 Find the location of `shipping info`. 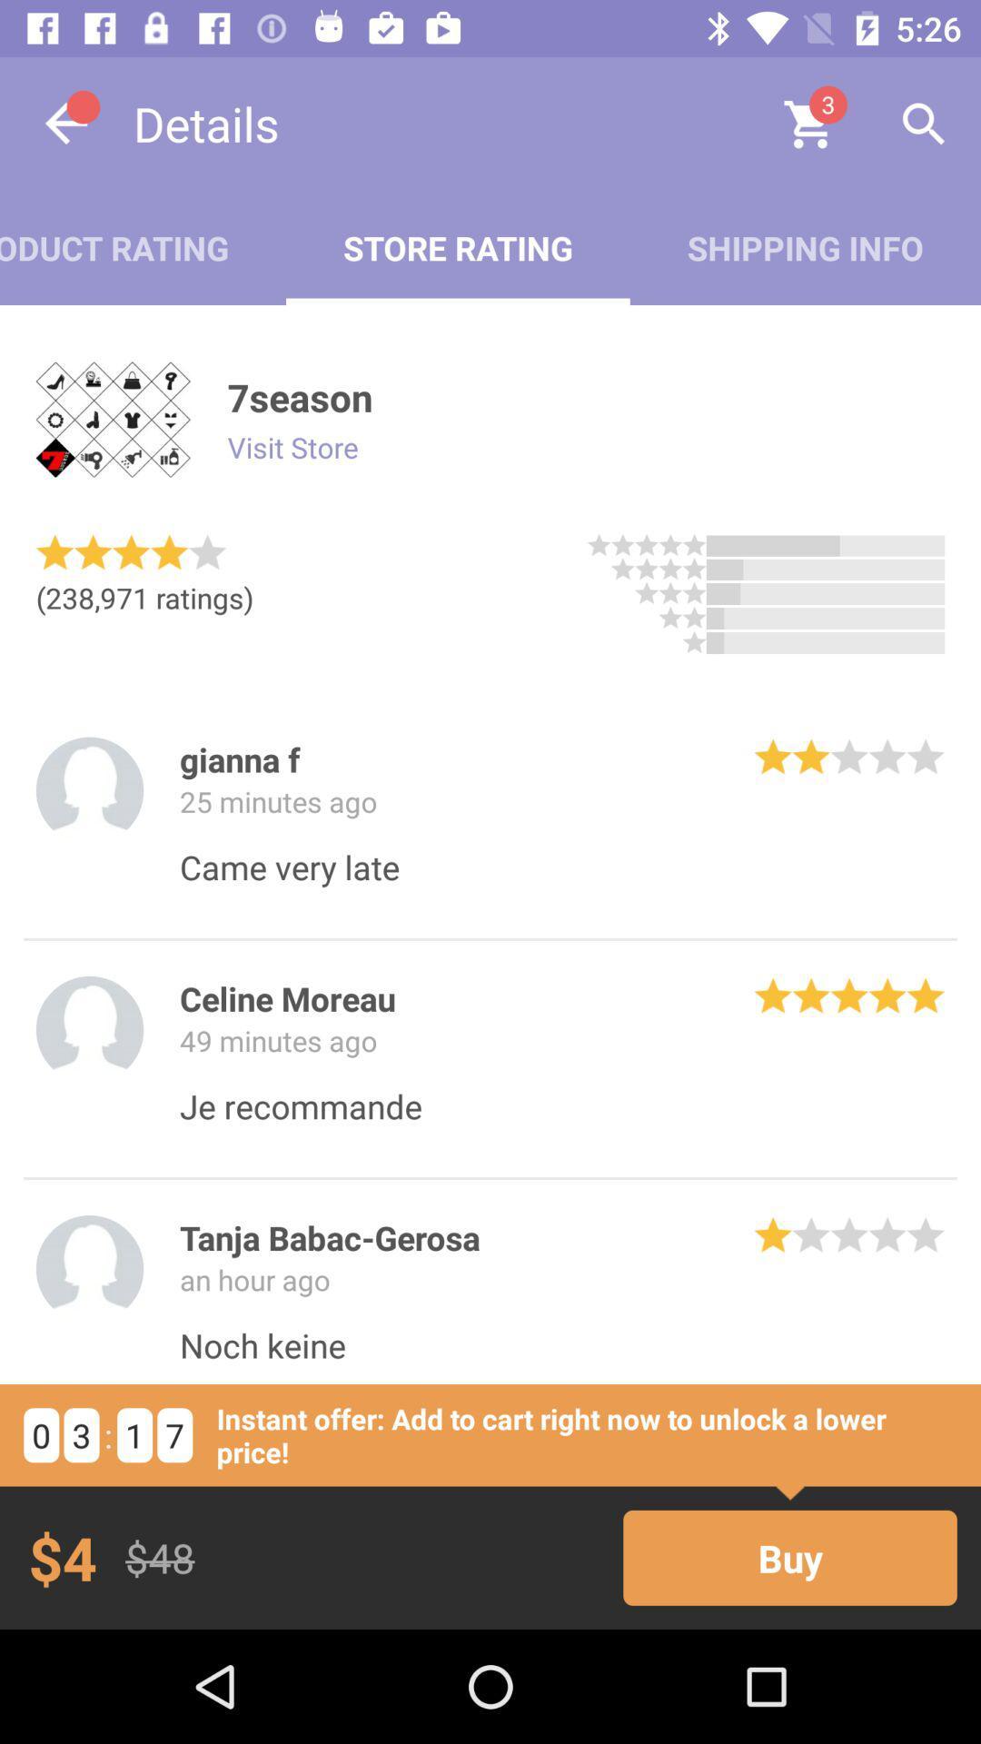

shipping info is located at coordinates (804, 247).